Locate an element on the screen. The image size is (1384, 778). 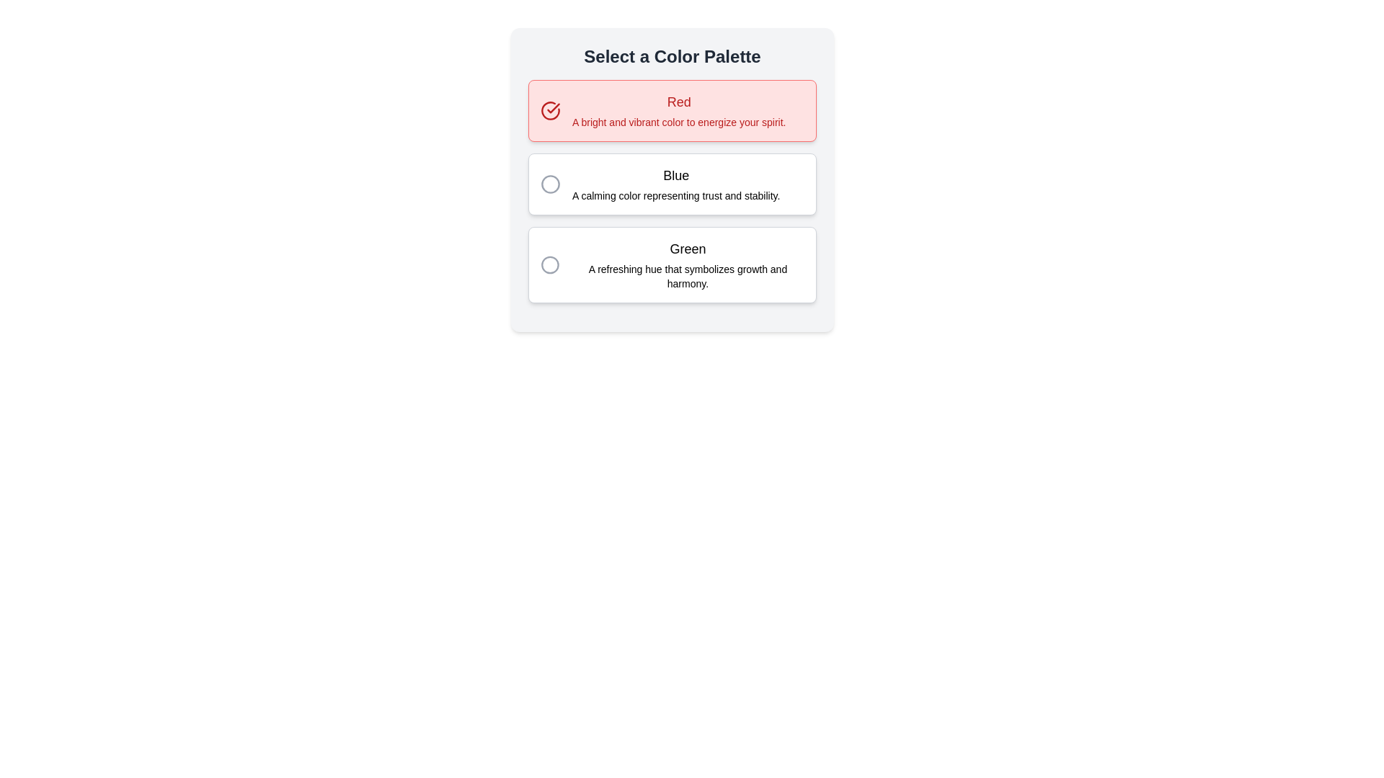
the radio button on the selectable option labeled 'Green' is located at coordinates (671, 264).